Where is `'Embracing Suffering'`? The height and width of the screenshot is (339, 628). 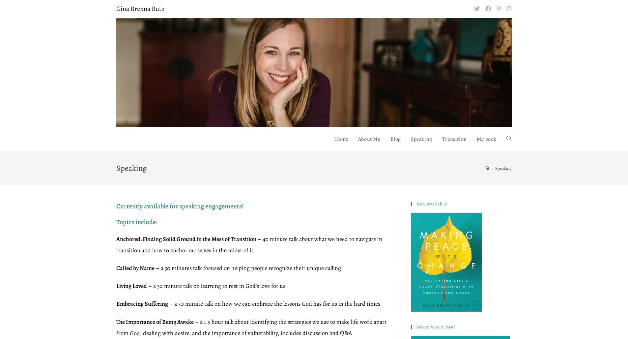 'Embracing Suffering' is located at coordinates (142, 303).